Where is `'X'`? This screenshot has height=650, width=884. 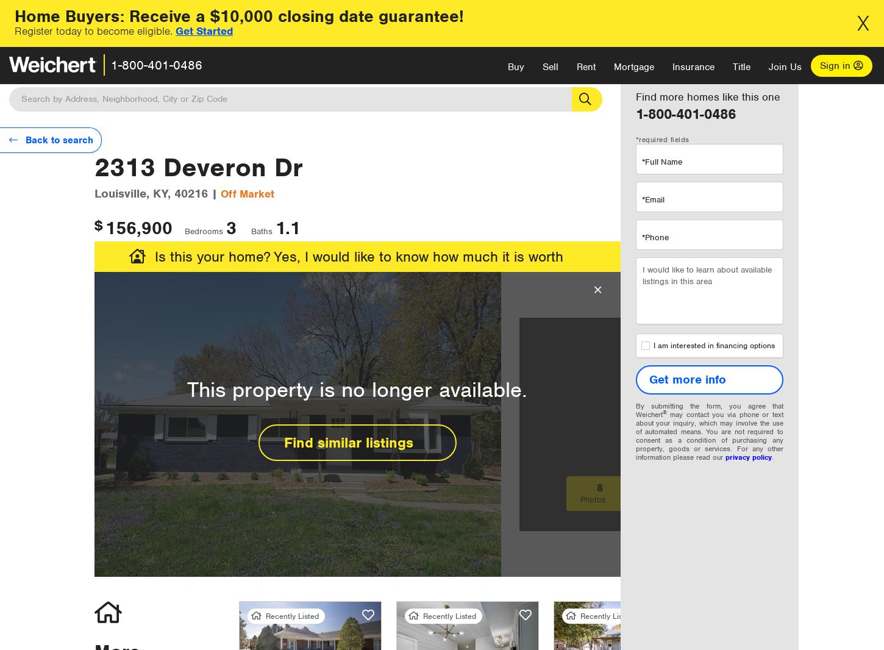
'X' is located at coordinates (863, 22).